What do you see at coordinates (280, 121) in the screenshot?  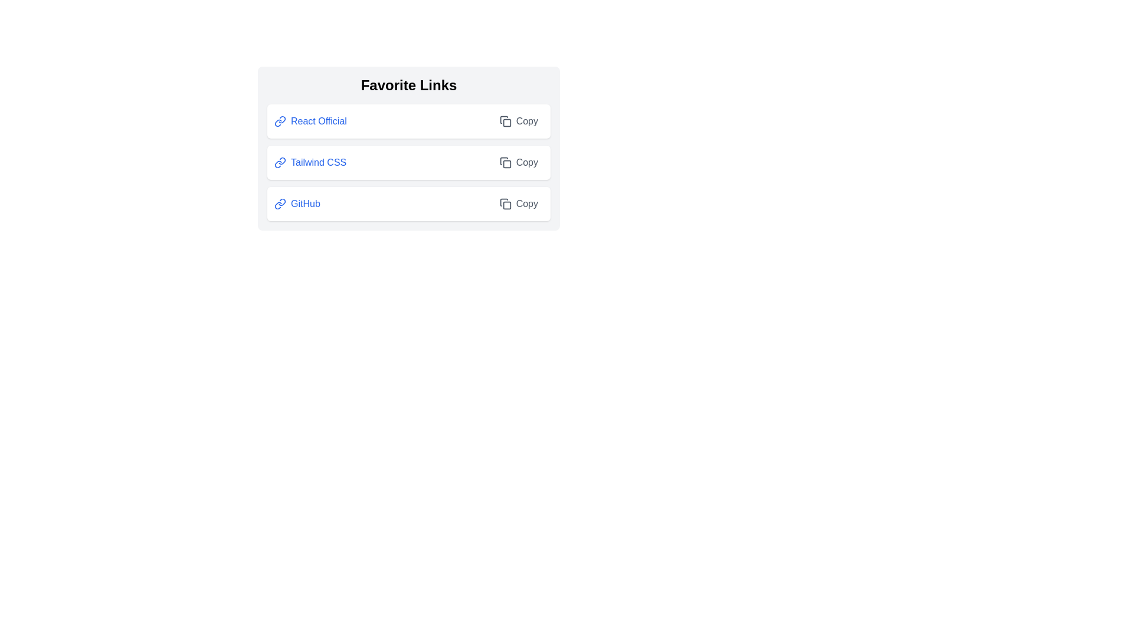 I see `the hyperlink represented by the Icon located to the left of the 'React Official' text in the 'Favorite Links' section` at bounding box center [280, 121].